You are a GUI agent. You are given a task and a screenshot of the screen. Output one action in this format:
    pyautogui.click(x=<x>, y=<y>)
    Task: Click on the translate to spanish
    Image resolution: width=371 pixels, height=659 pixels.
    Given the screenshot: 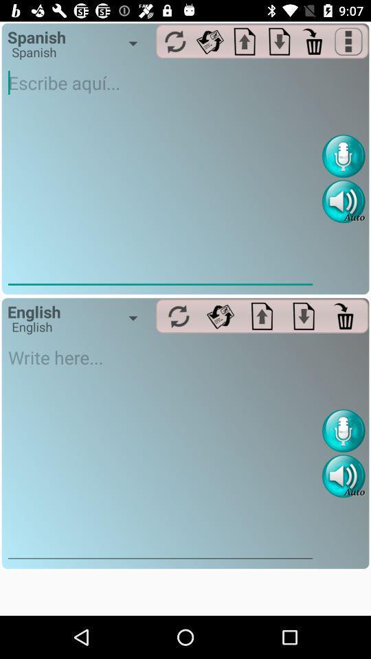 What is the action you would take?
    pyautogui.click(x=179, y=316)
    